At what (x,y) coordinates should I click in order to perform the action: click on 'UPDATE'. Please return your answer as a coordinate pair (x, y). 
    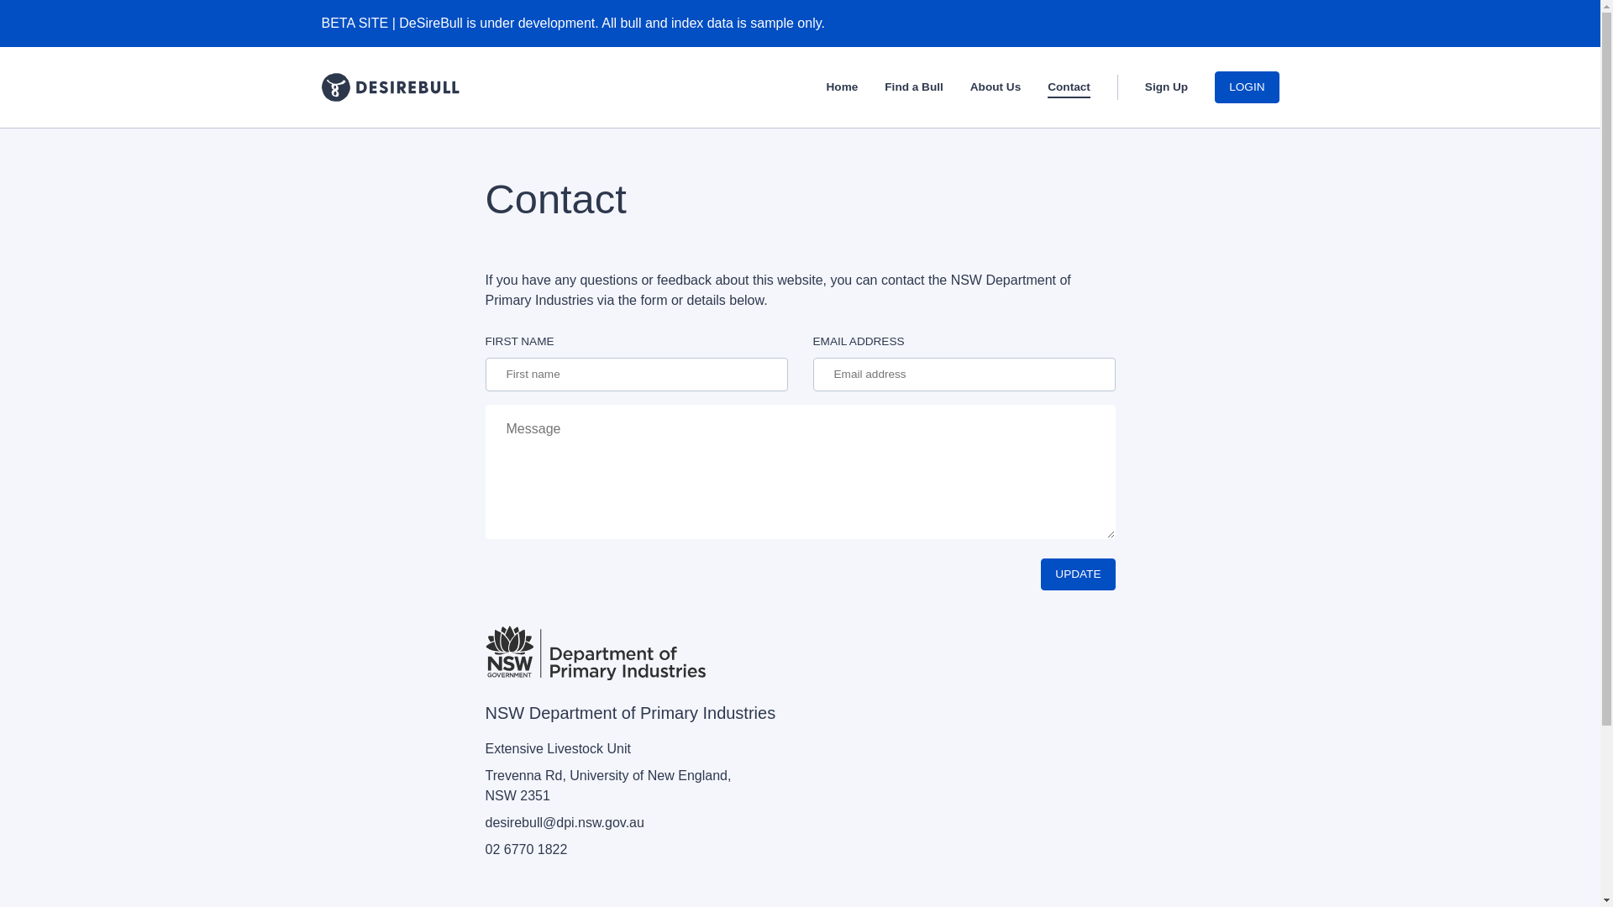
    Looking at the image, I should click on (1077, 573).